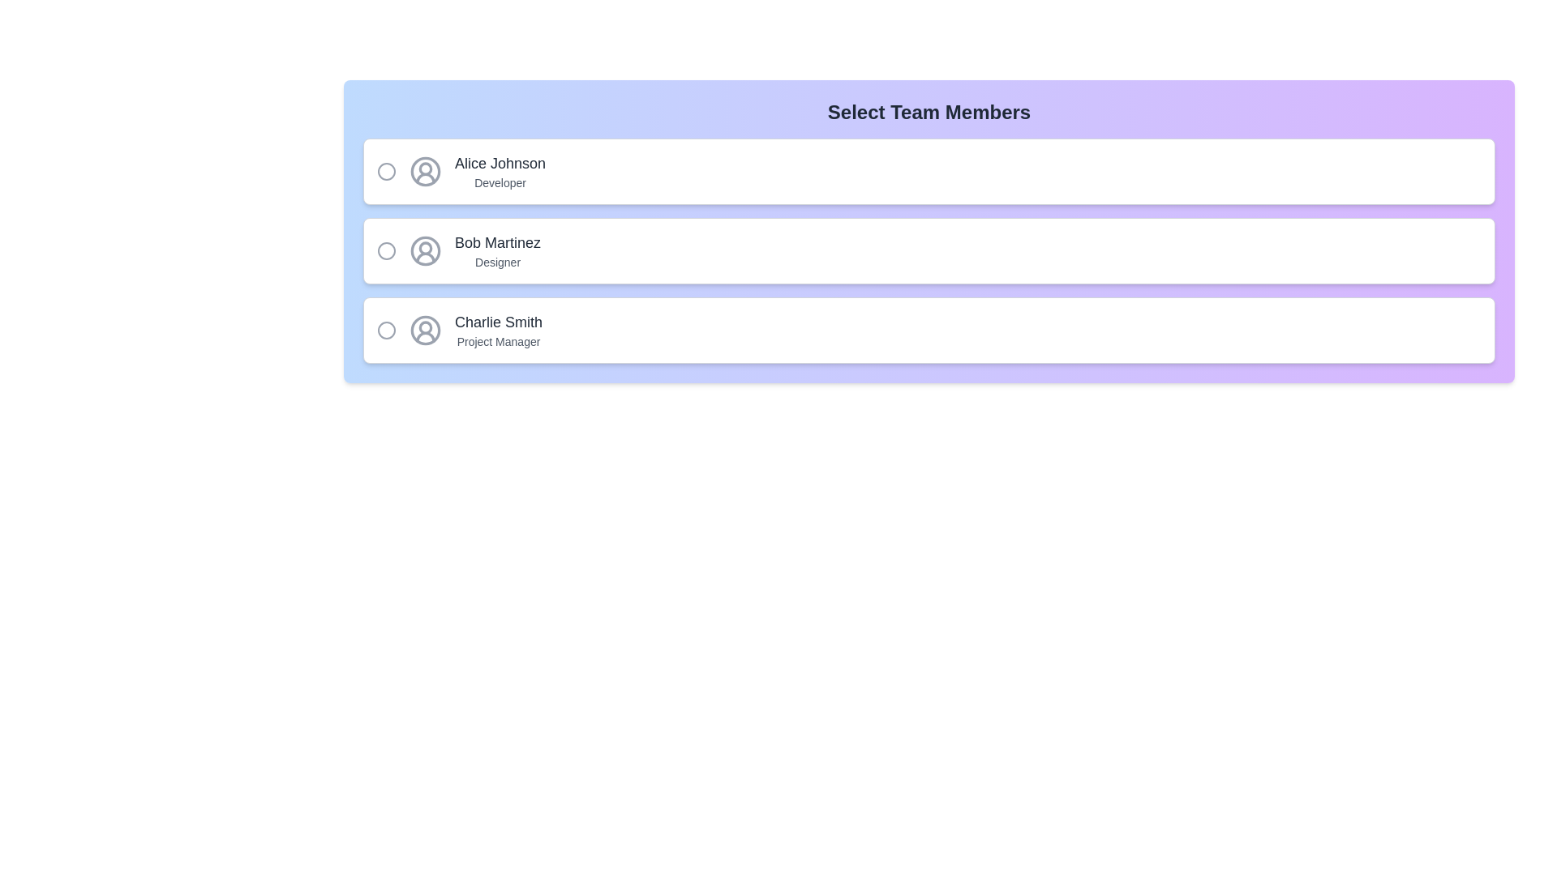  What do you see at coordinates (425, 327) in the screenshot?
I see `the inner circular part of the avatar icon for 'Charlie Smith' located in the third row of the user selection list` at bounding box center [425, 327].